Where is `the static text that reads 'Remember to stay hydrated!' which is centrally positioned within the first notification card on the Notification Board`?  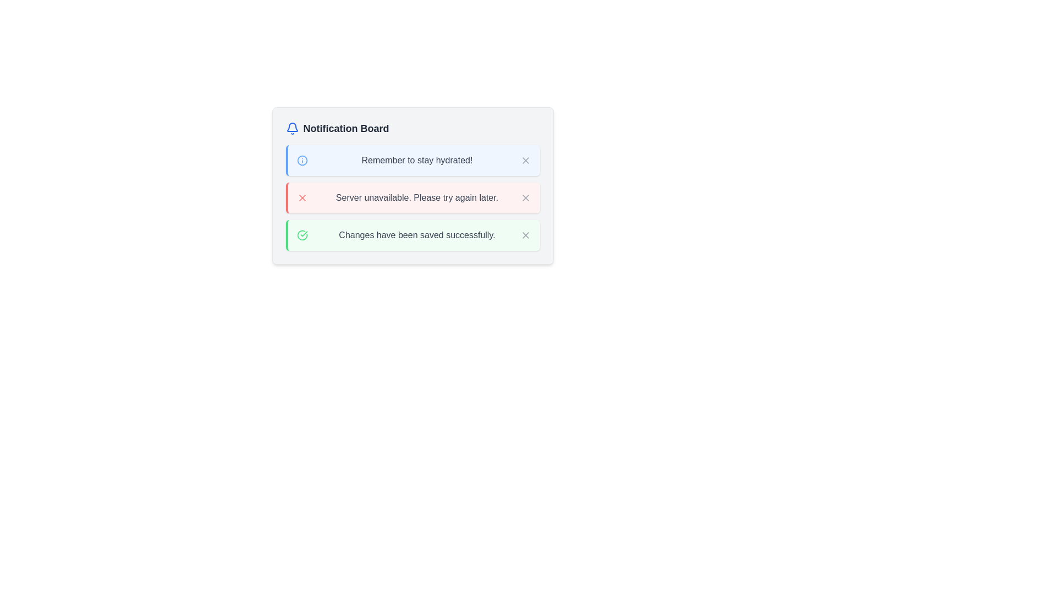 the static text that reads 'Remember to stay hydrated!' which is centrally positioned within the first notification card on the Notification Board is located at coordinates (416, 161).